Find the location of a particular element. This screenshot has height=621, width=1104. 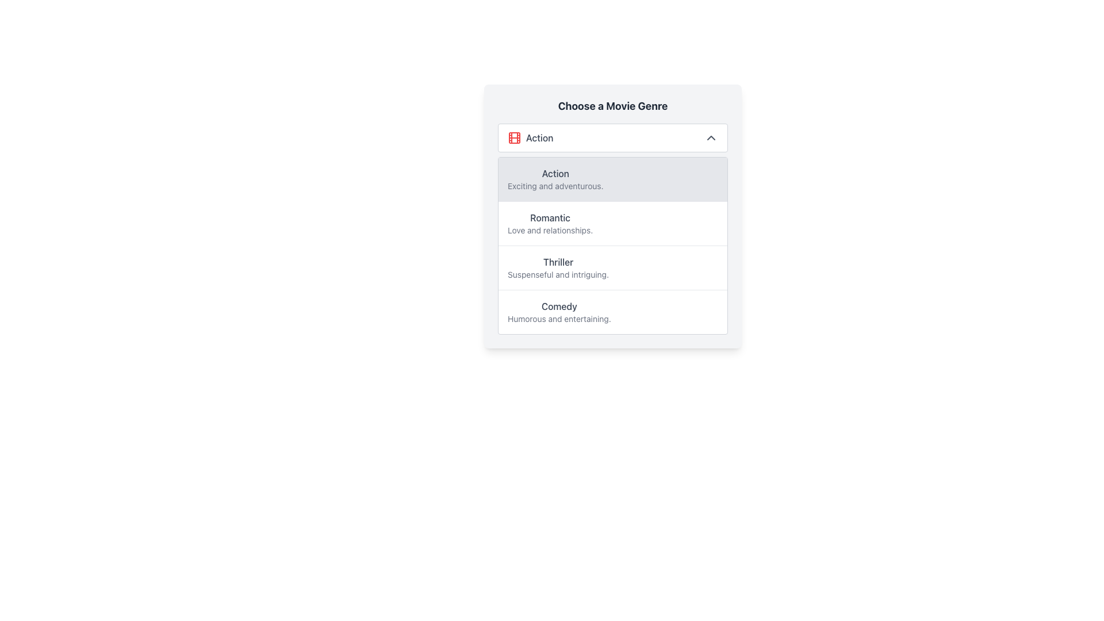

the red film roll icon located to the left of the 'Action' text in the dropdown menu for selecting a movie genre is located at coordinates (513, 137).